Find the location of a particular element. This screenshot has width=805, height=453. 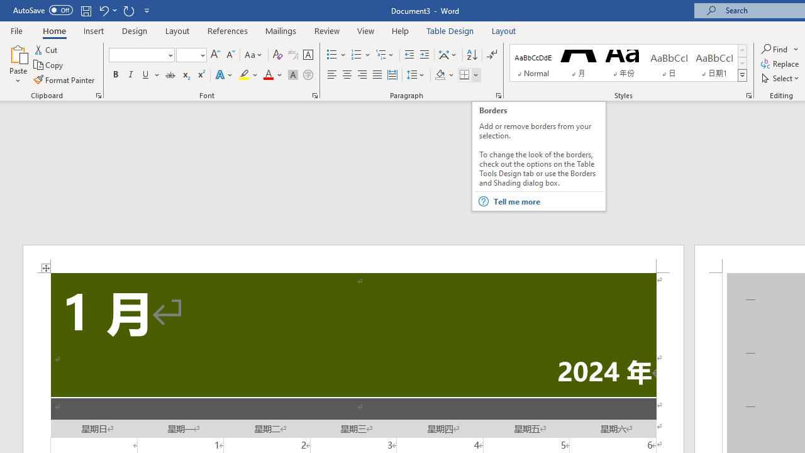

'Copy' is located at coordinates (49, 65).